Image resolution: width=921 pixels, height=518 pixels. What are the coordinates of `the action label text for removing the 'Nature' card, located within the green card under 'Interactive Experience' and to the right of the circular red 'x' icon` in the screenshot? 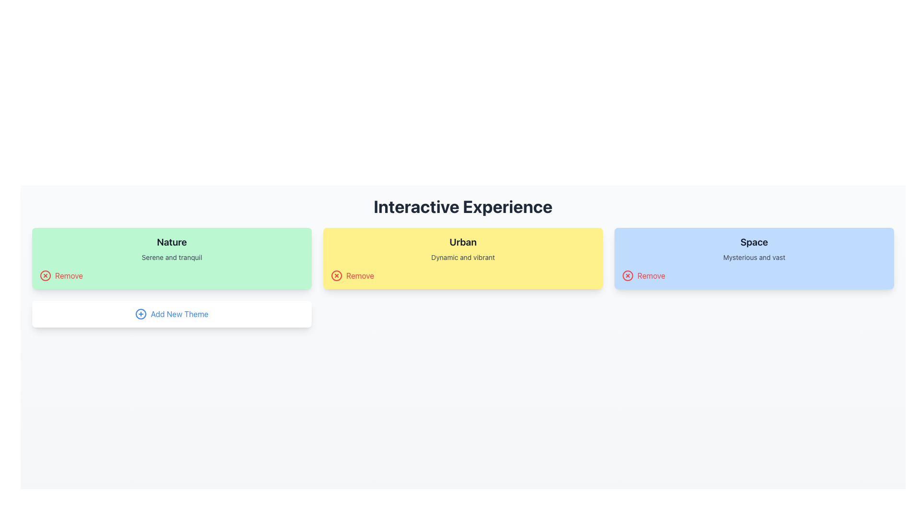 It's located at (69, 275).